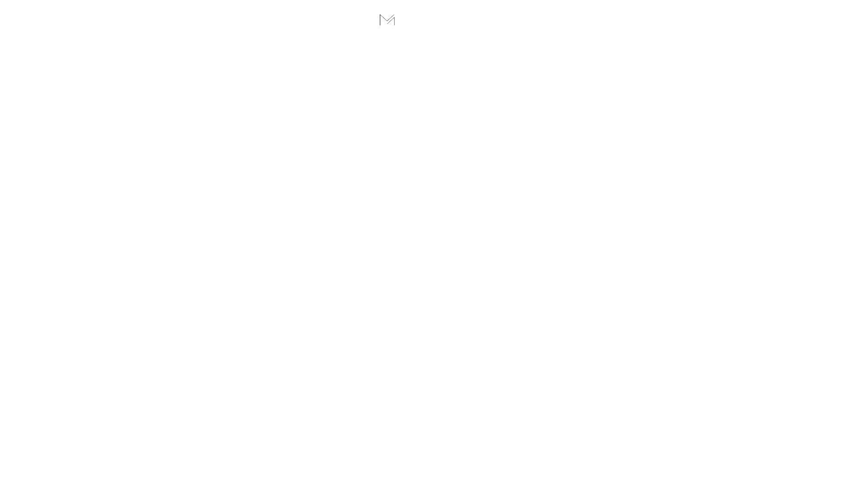 The image size is (862, 485). Describe the element at coordinates (836, 478) in the screenshot. I see `'WPBrigade'` at that location.